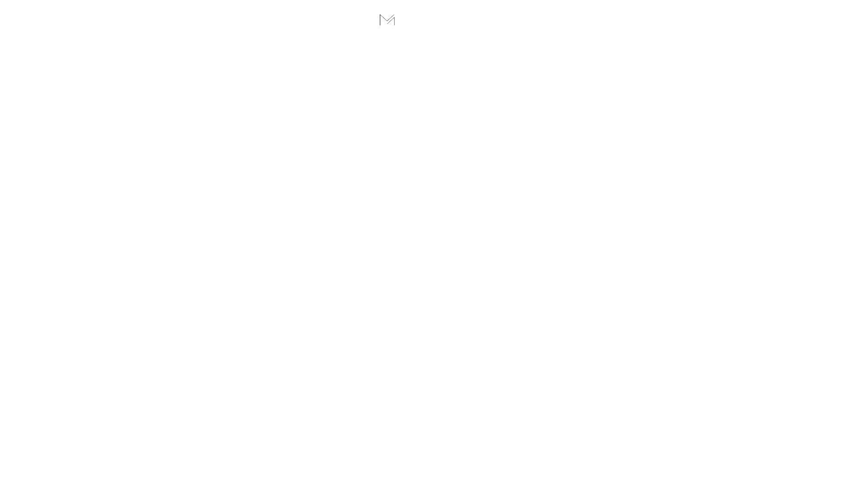 The image size is (862, 485). Describe the element at coordinates (836, 478) in the screenshot. I see `'WPBrigade'` at that location.